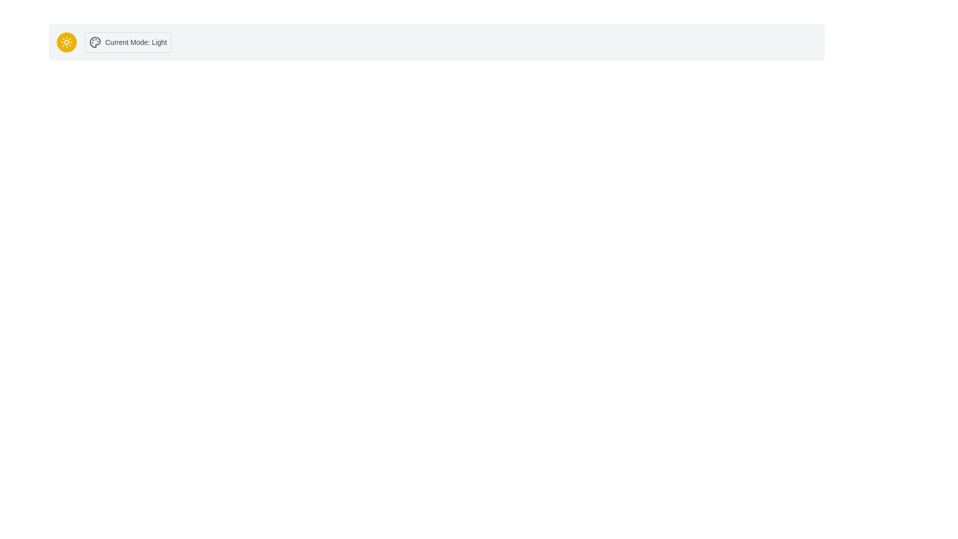 Image resolution: width=958 pixels, height=539 pixels. I want to click on the sun icon within the rounded yellow button labeled 'Switch to dark mode' located near the top left corner of the interface, so click(66, 41).